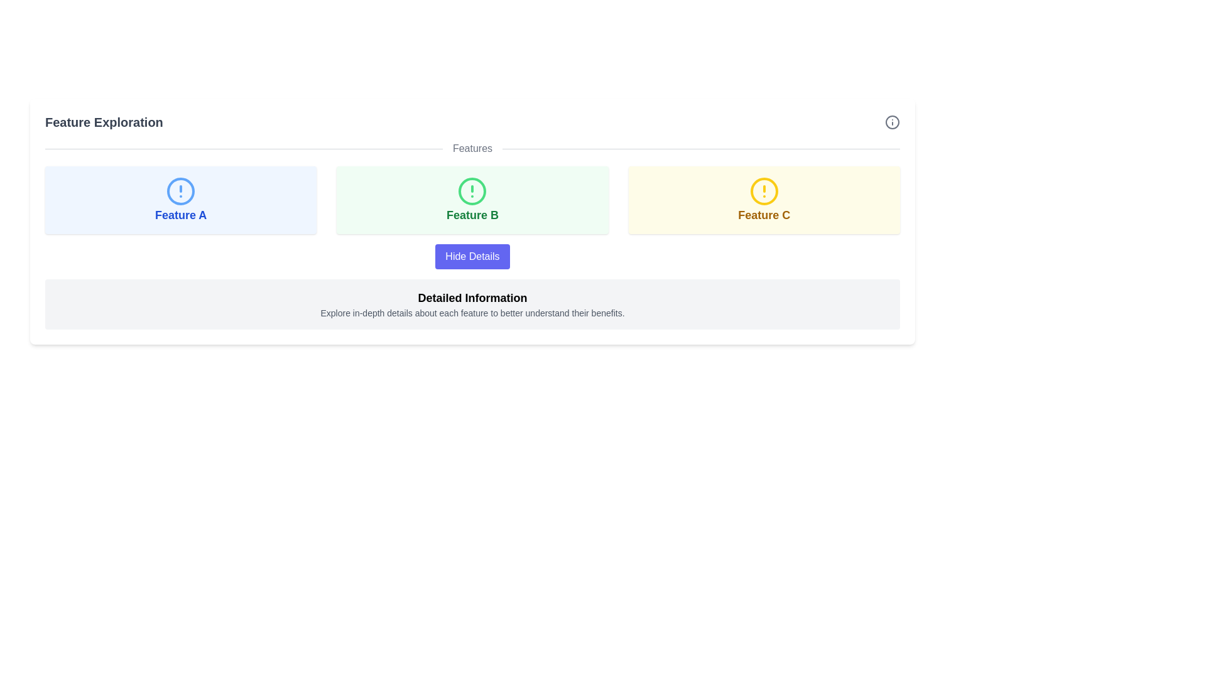 Image resolution: width=1206 pixels, height=678 pixels. What do you see at coordinates (891, 122) in the screenshot?
I see `the primary circular component of the informational icon located in the upper-right corner of the interface` at bounding box center [891, 122].